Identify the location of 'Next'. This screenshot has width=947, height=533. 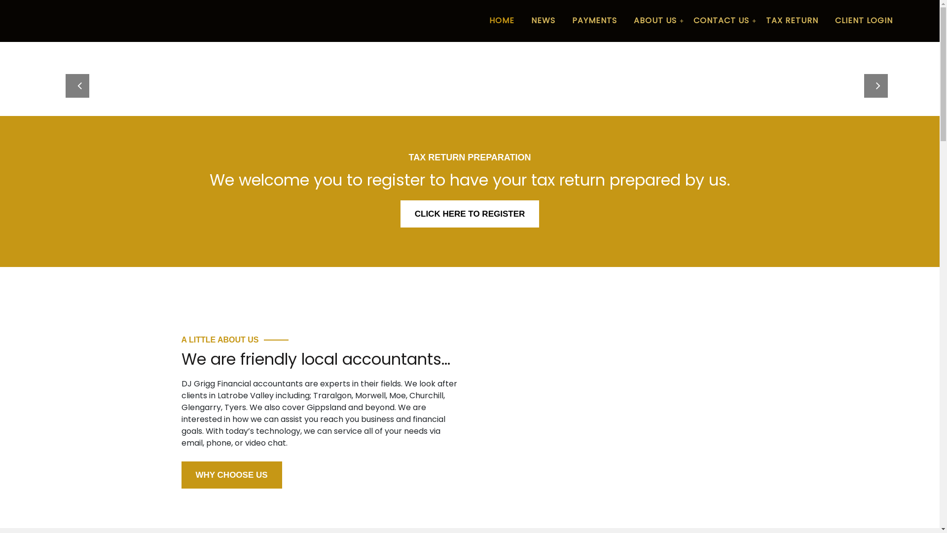
(869, 78).